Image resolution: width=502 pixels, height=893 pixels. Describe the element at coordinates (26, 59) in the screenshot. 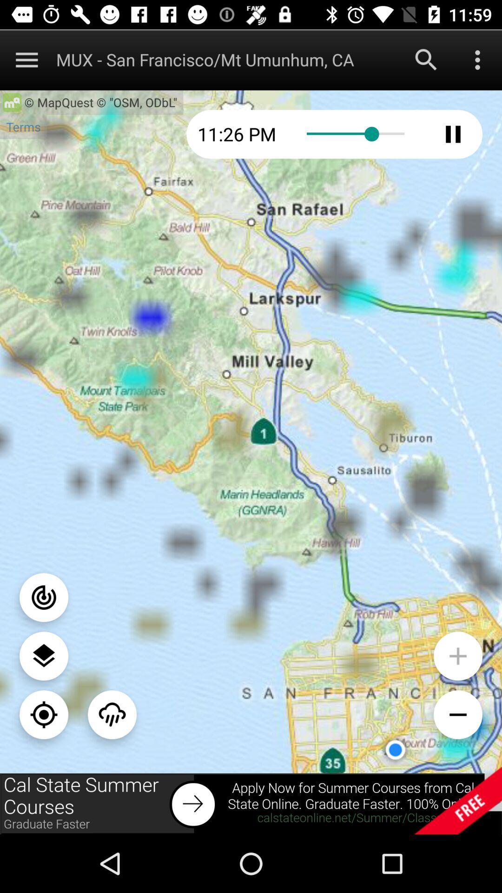

I see `menu button` at that location.